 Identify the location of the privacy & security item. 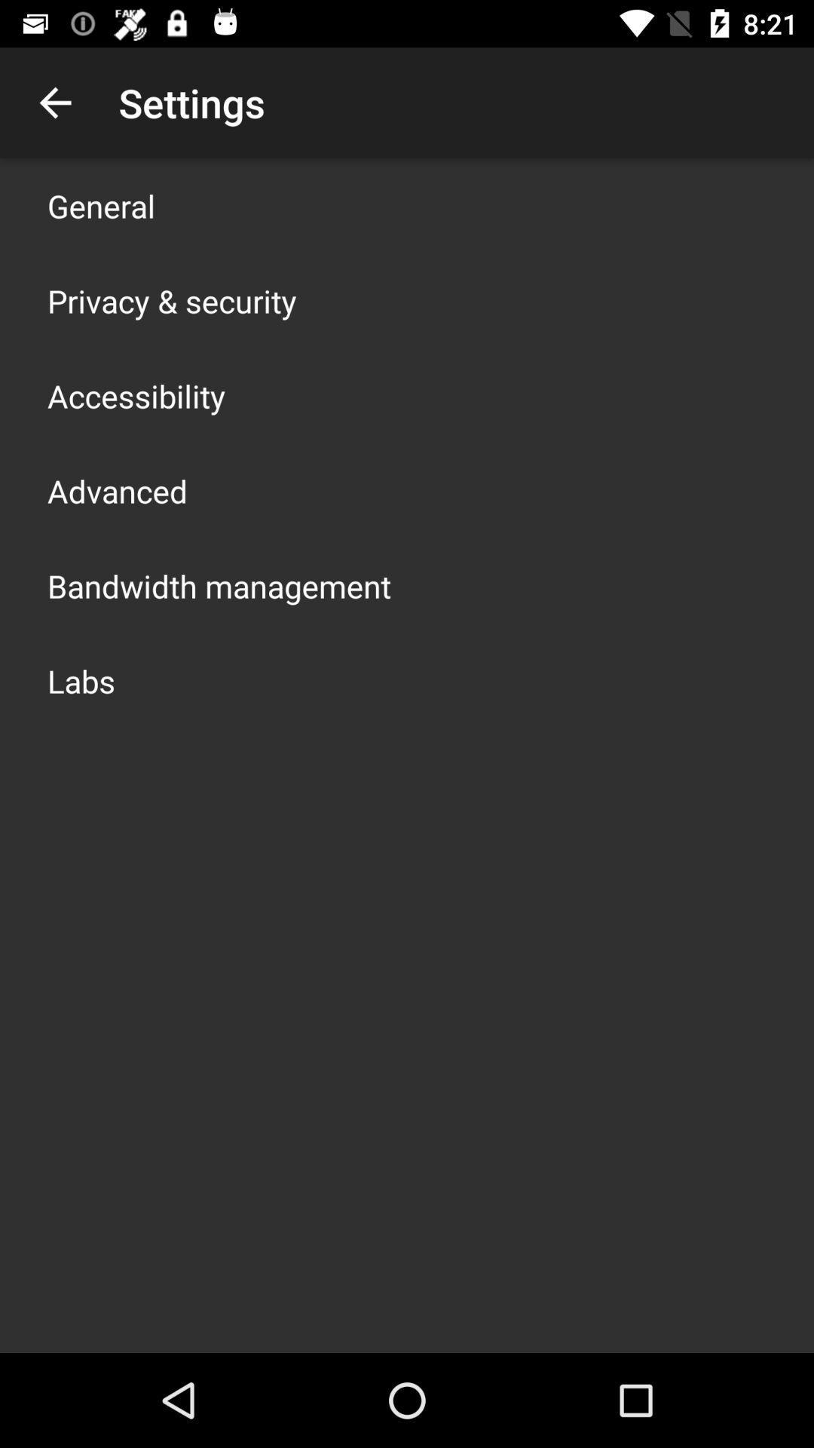
(171, 300).